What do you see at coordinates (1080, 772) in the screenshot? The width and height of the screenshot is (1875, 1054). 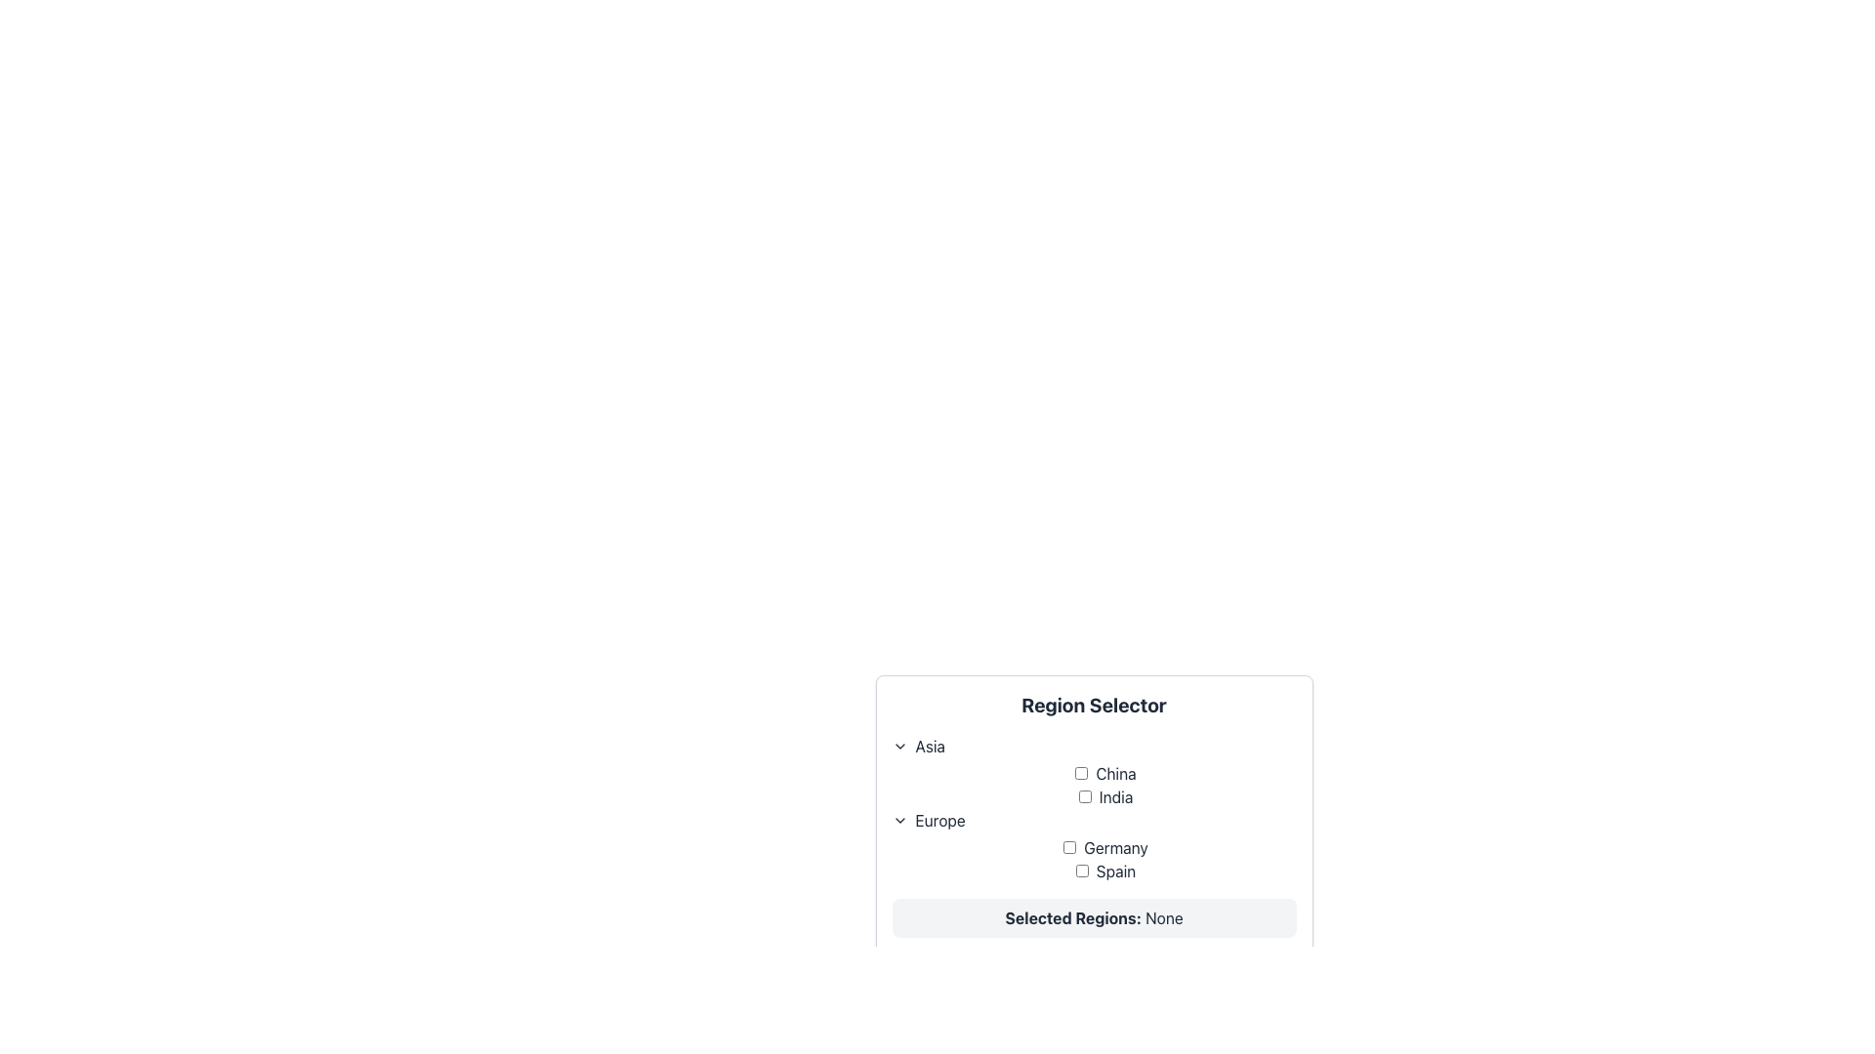 I see `the checkbox` at bounding box center [1080, 772].